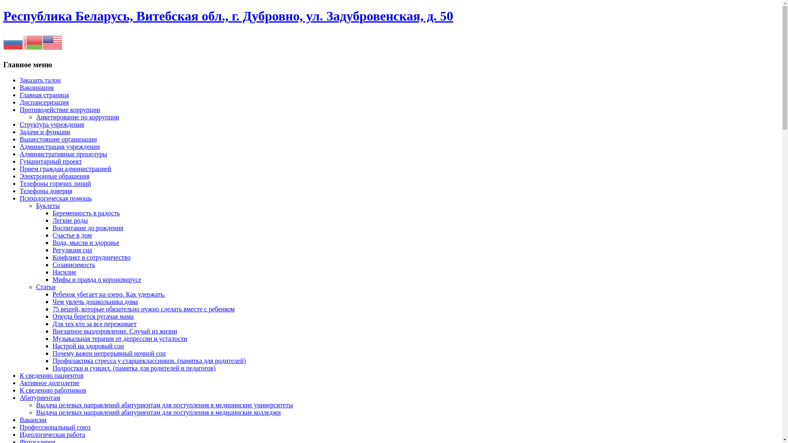 This screenshot has width=788, height=443. Describe the element at coordinates (52, 42) in the screenshot. I see `'English'` at that location.